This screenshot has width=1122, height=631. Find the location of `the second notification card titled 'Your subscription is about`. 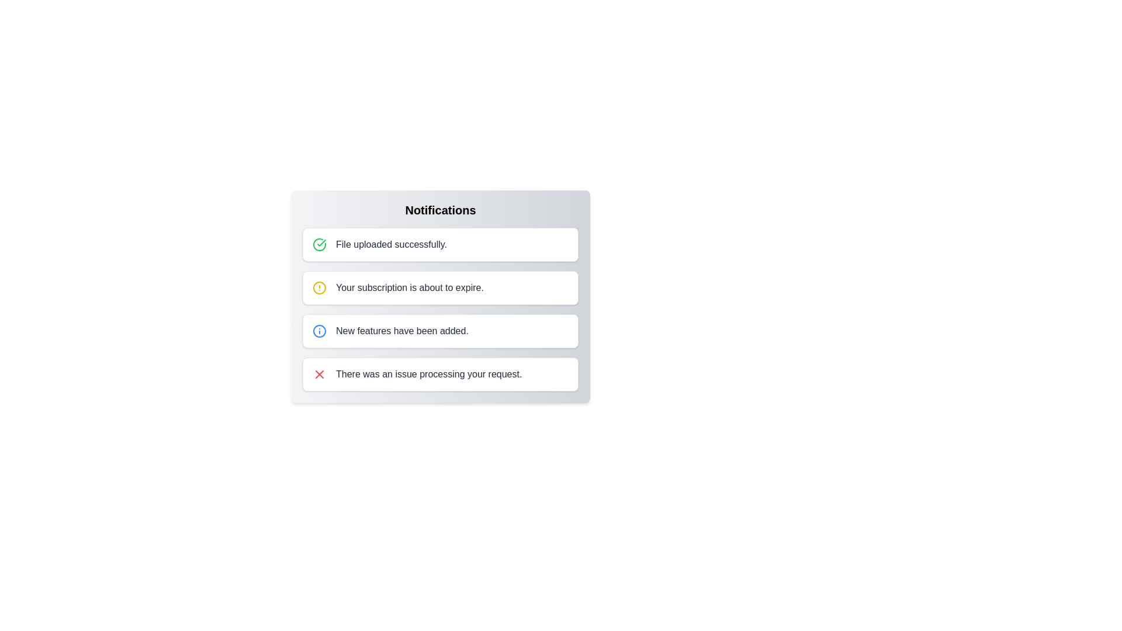

the second notification card titled 'Your subscription is about is located at coordinates (439, 288).